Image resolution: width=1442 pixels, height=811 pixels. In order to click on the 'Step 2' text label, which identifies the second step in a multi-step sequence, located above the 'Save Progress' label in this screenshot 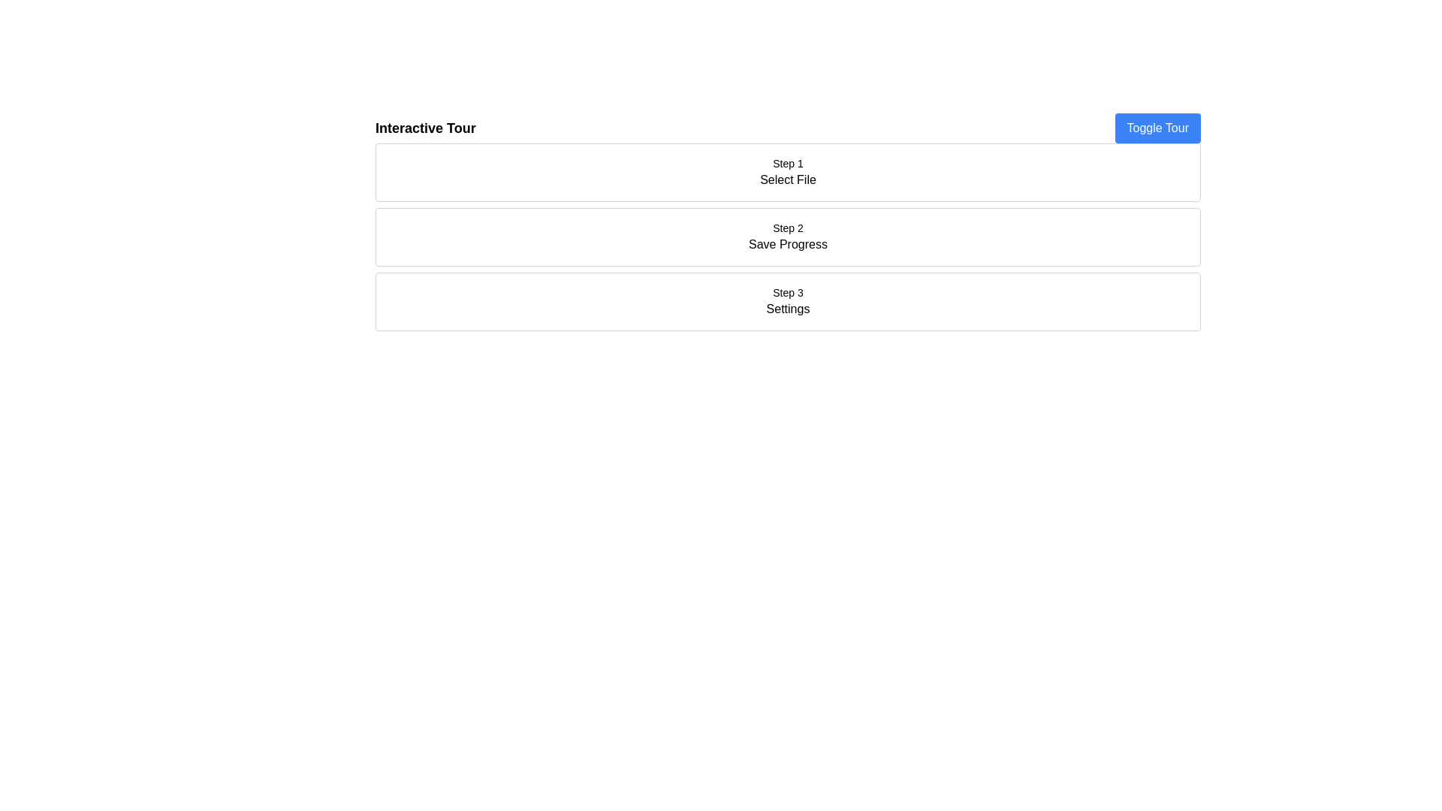, I will do `click(787, 228)`.